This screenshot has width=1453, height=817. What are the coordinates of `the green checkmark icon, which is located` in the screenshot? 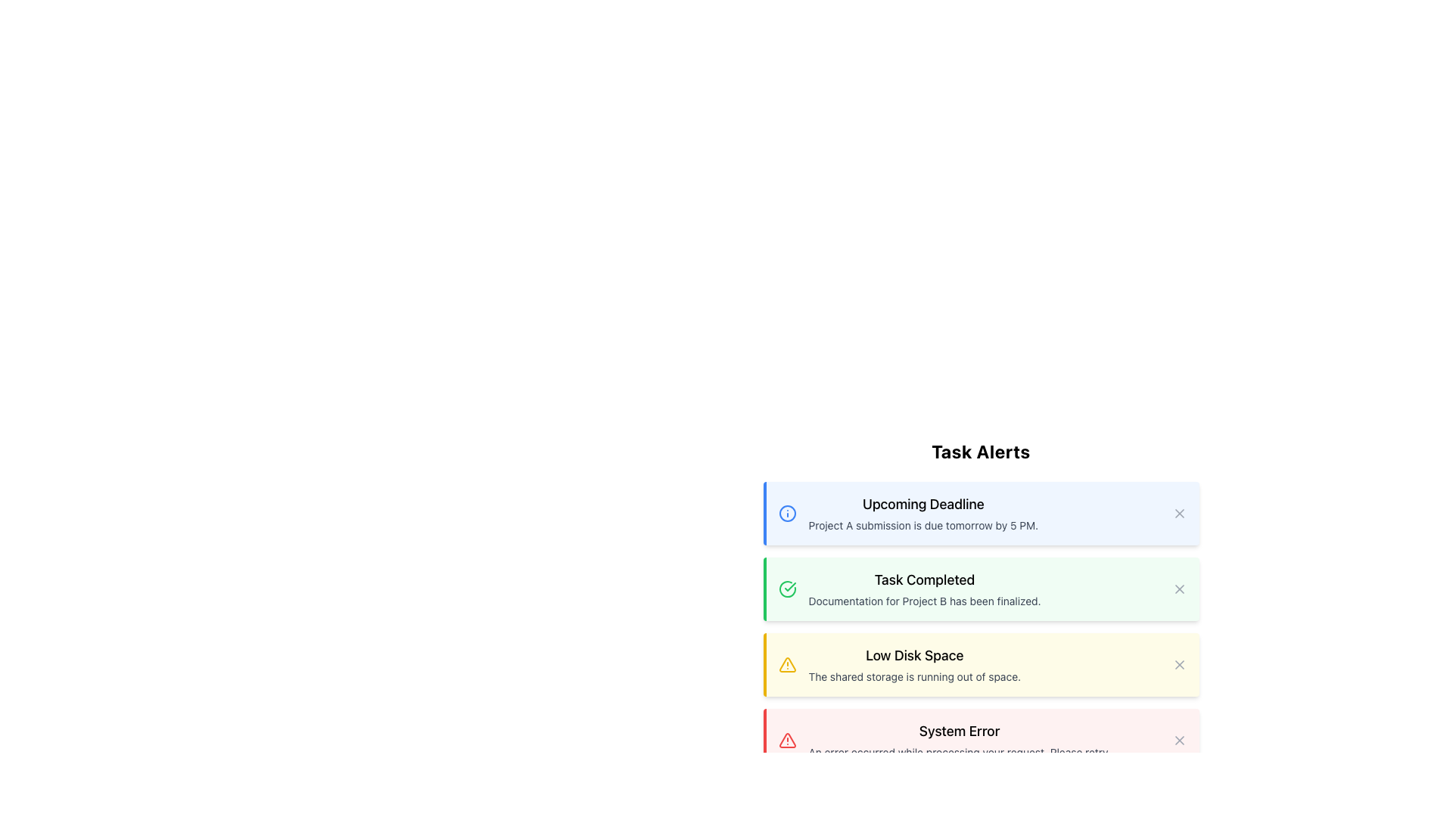 It's located at (789, 586).